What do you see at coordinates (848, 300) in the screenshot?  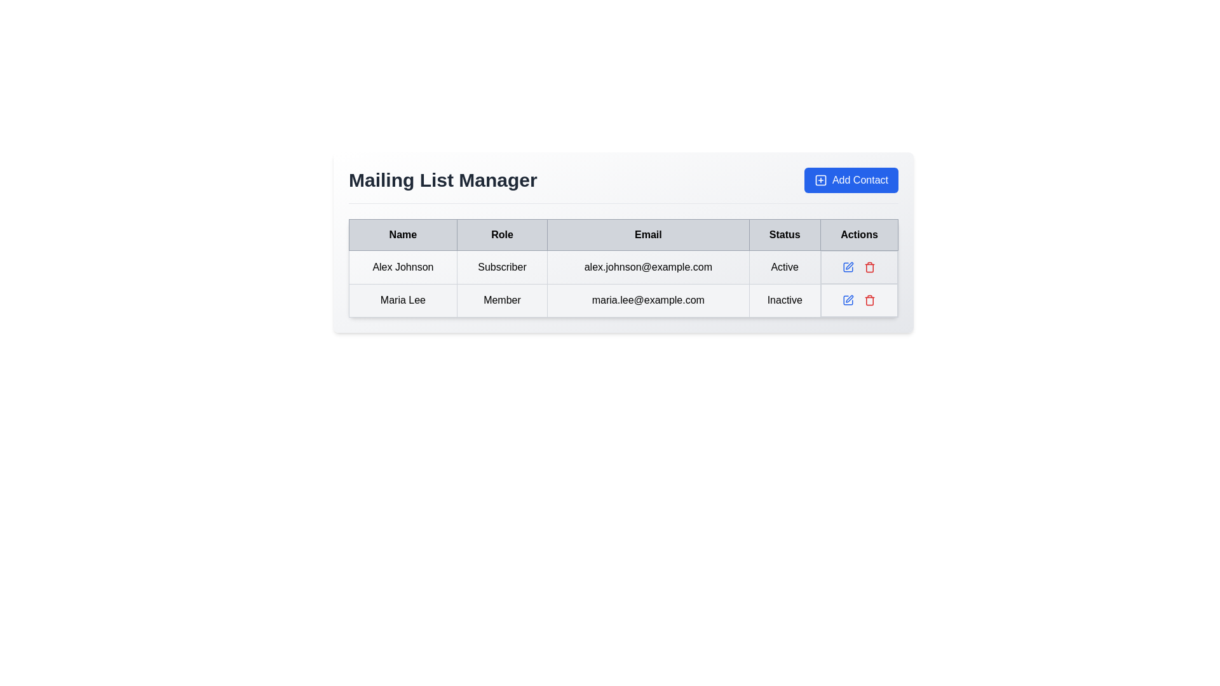 I see `the edit button located in the 'Actions' column of the second row in the data table` at bounding box center [848, 300].